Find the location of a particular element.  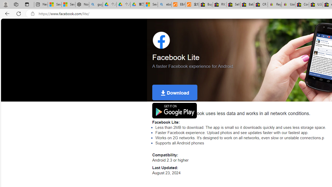

'New tab' is located at coordinates (41, 4).